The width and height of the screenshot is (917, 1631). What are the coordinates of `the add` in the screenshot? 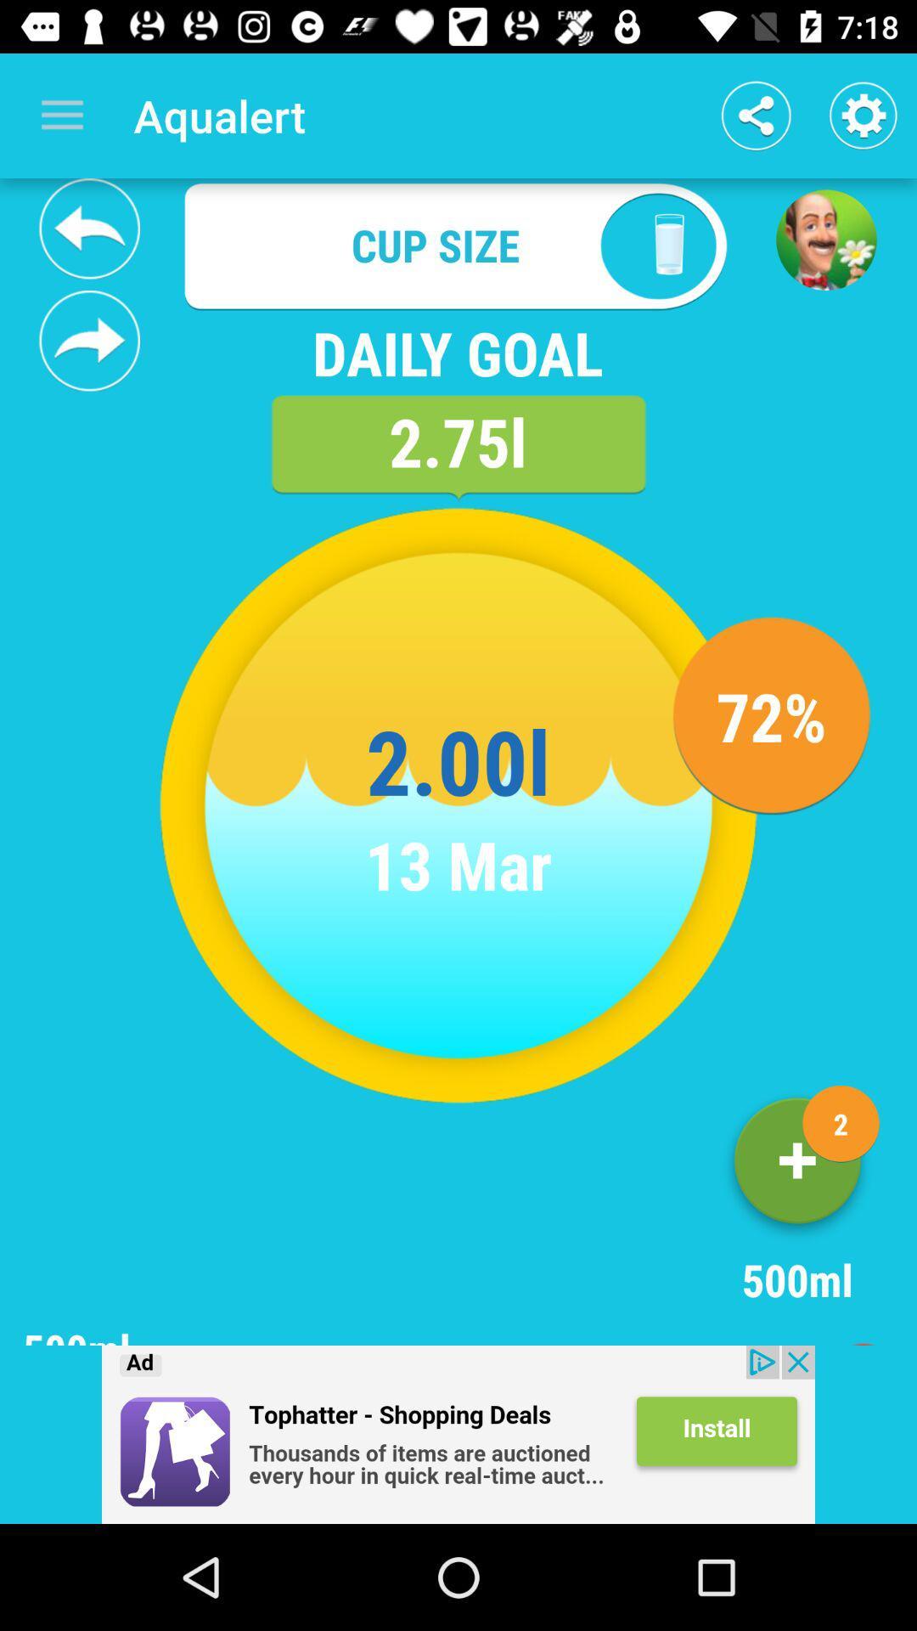 It's located at (458, 1434).